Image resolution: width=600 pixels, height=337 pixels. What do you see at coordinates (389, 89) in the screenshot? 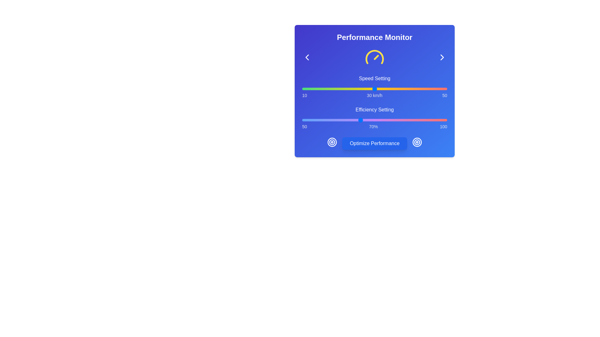
I see `the speed setting to 34 km/h by interacting with the slider` at bounding box center [389, 89].